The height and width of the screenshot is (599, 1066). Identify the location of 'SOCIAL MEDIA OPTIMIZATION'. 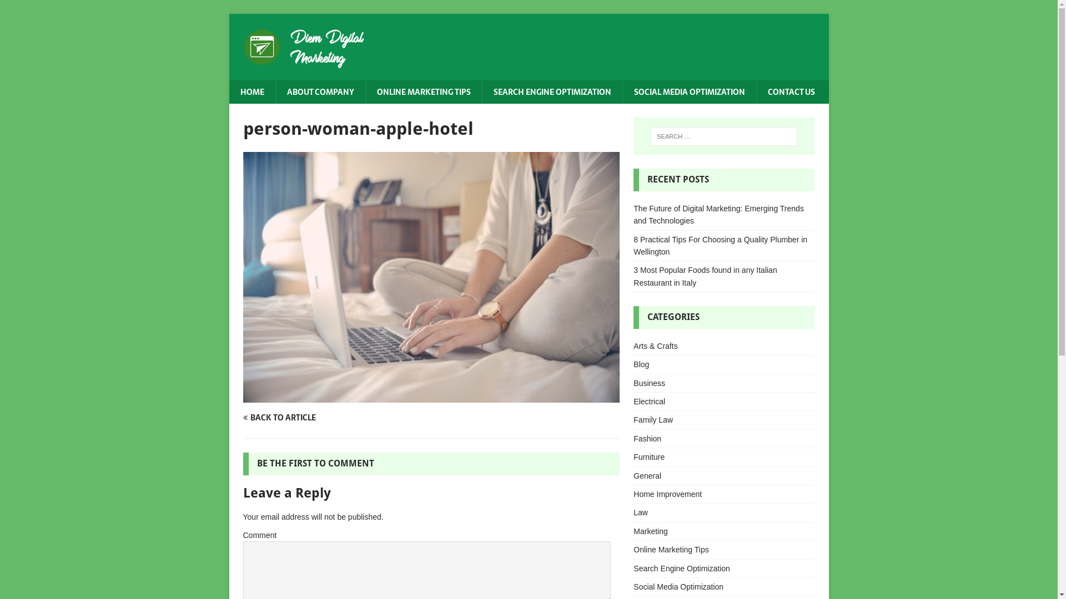
(688, 91).